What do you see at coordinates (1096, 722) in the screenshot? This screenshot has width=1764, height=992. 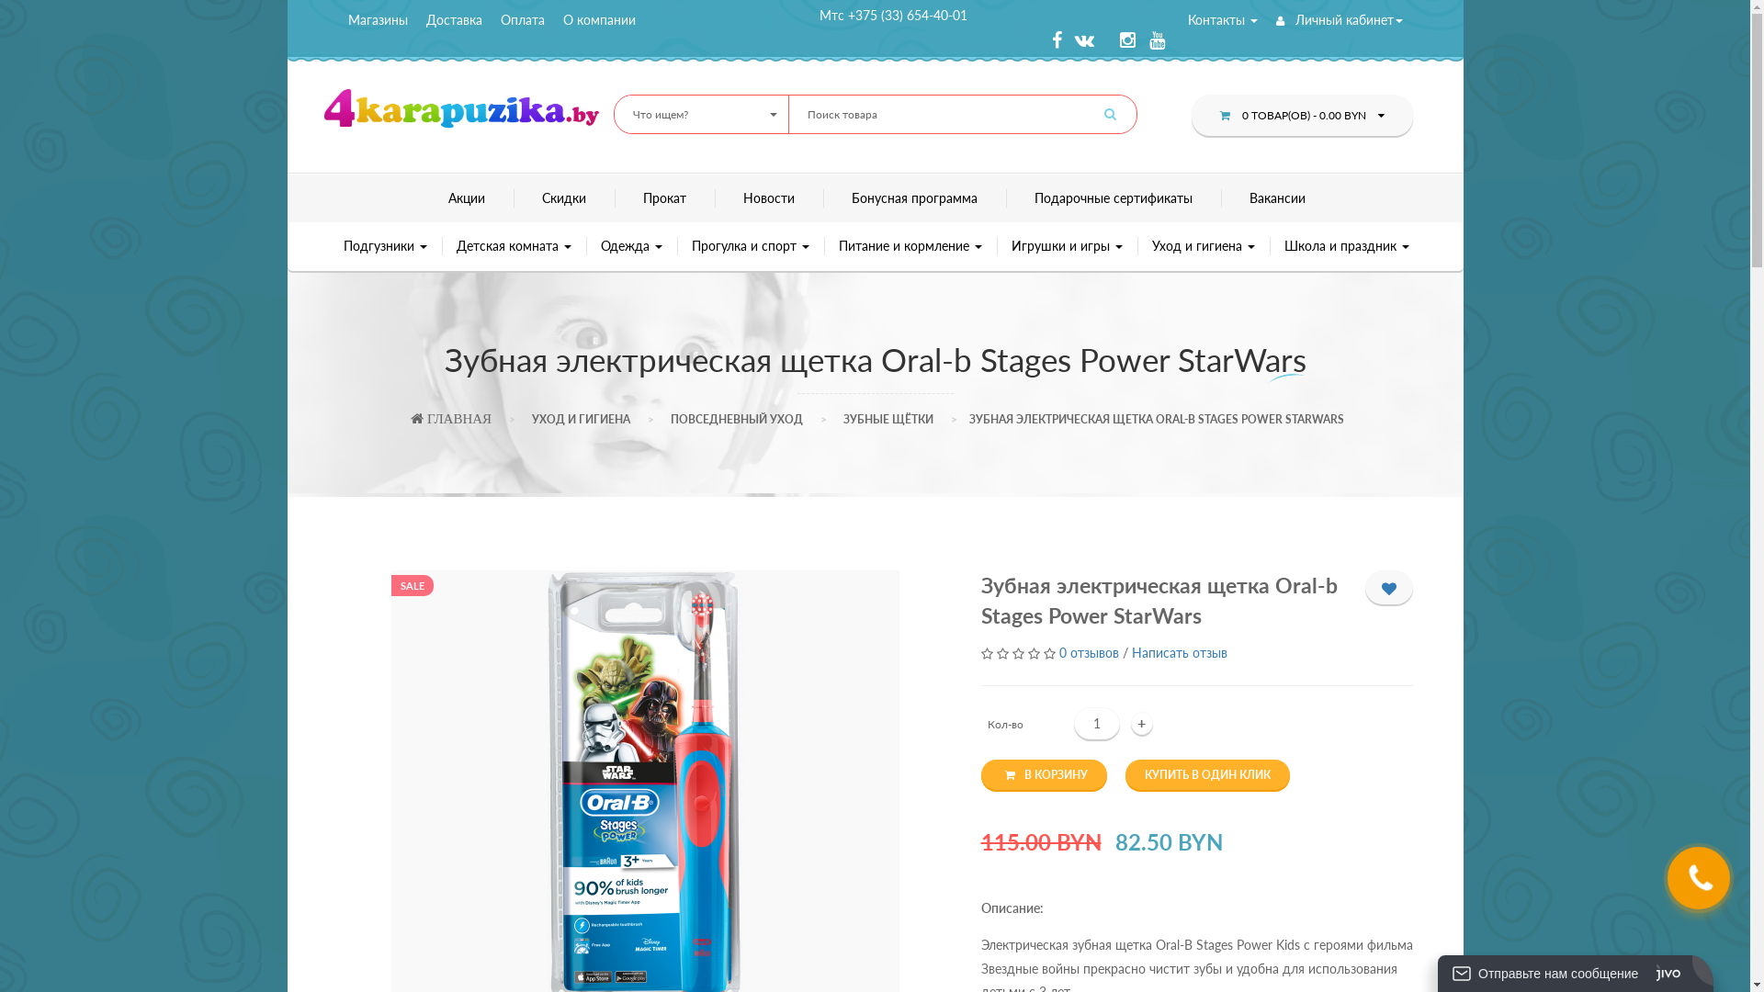 I see `'Qty'` at bounding box center [1096, 722].